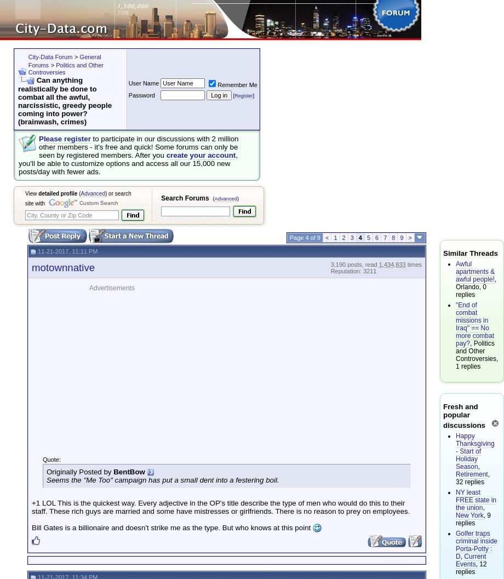 The width and height of the screenshot is (504, 579). What do you see at coordinates (414, 263) in the screenshot?
I see `'times'` at bounding box center [414, 263].